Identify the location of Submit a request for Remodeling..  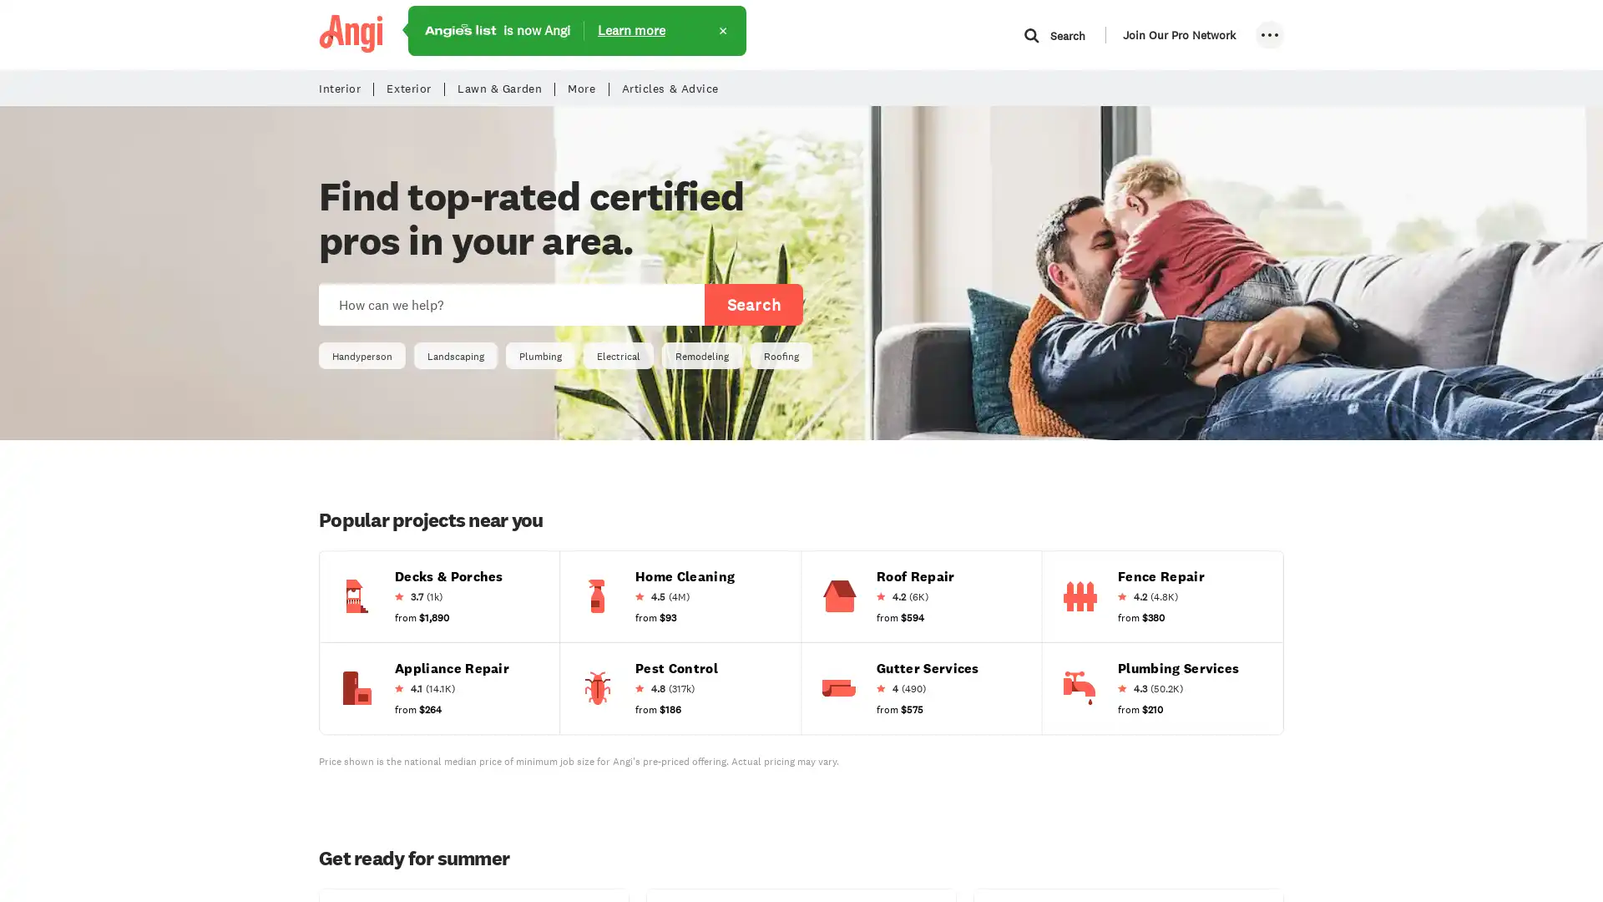
(701, 354).